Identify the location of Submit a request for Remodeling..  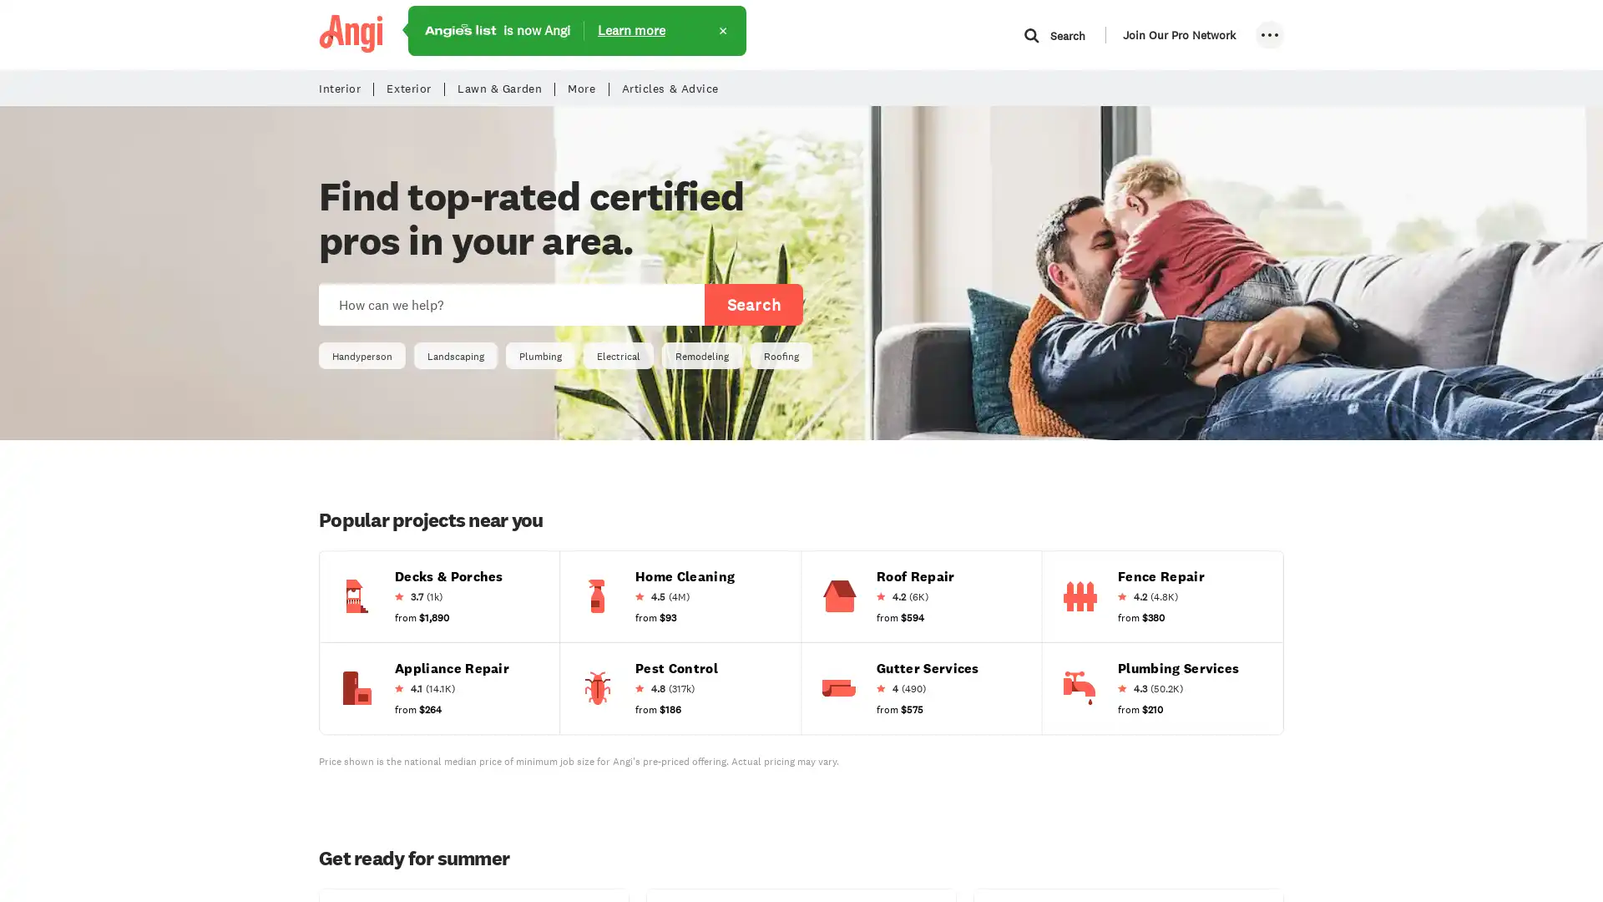
(701, 354).